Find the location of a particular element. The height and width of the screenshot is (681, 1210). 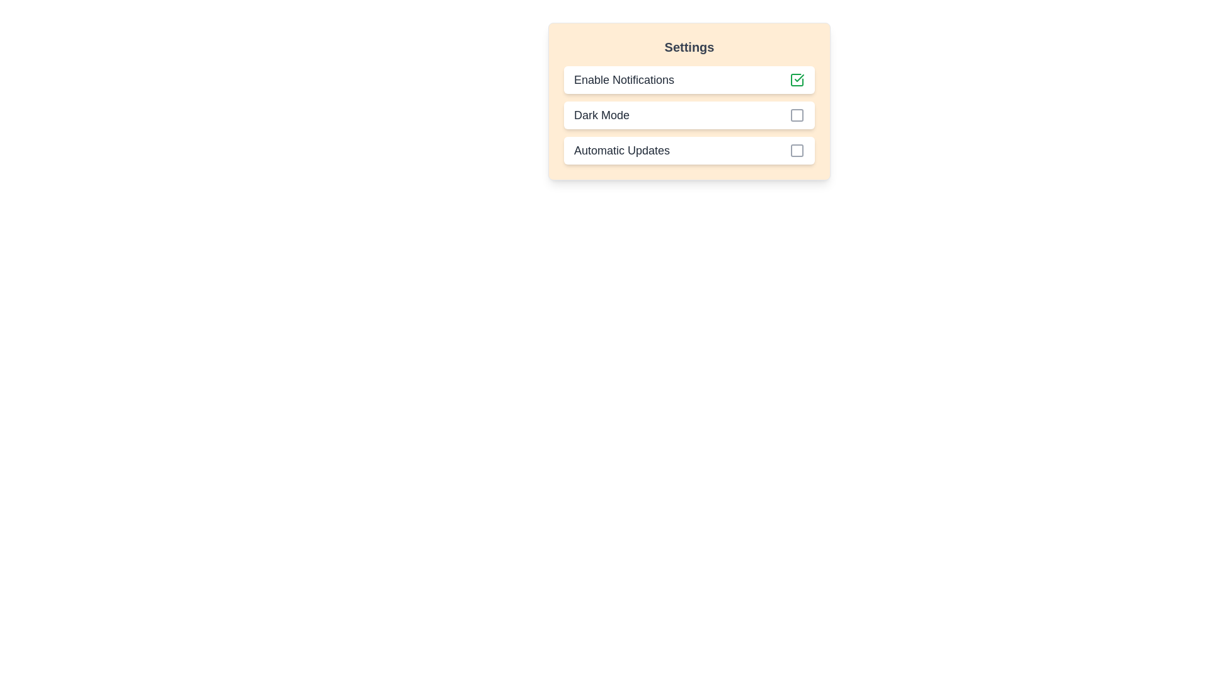

the prominent 'Settings' header text displayed at the top of the light-orange section is located at coordinates (689, 46).